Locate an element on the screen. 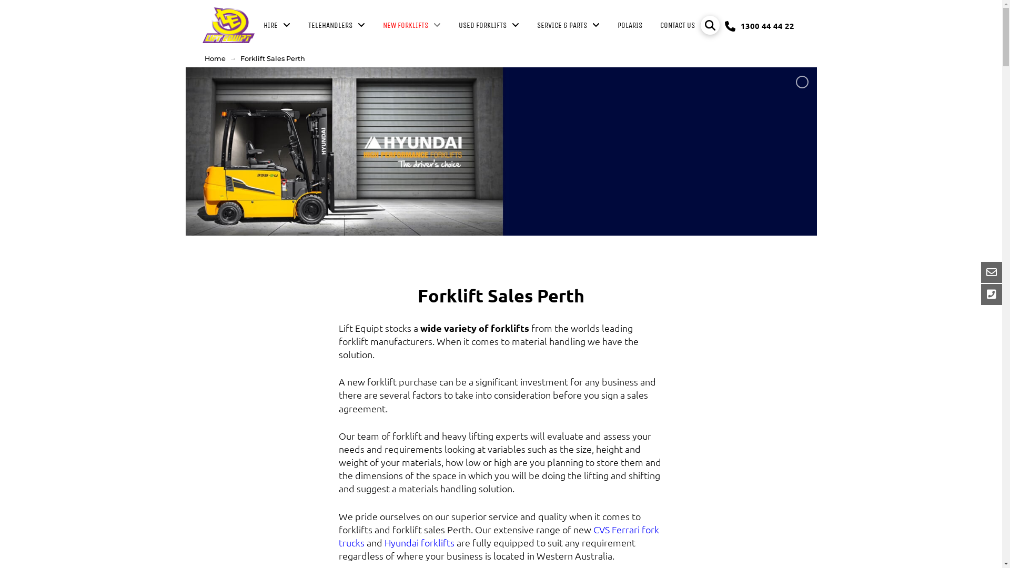  'HIRE' is located at coordinates (277, 24).